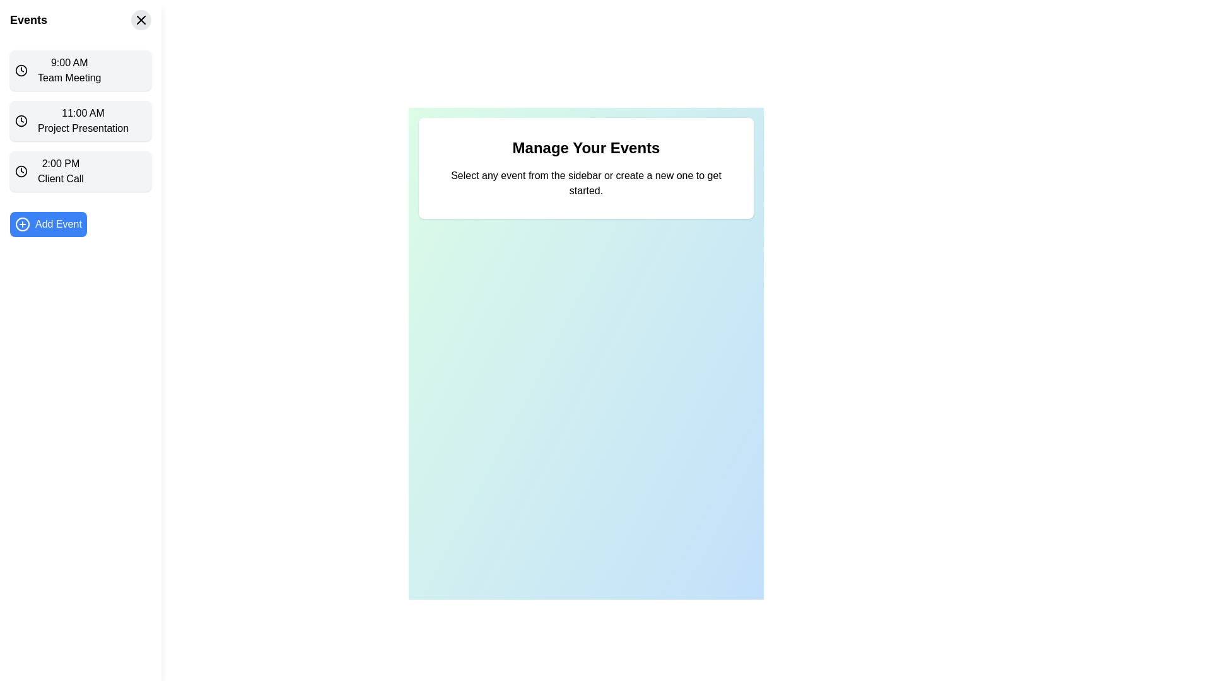  What do you see at coordinates (69, 70) in the screenshot?
I see `the Text Display element that shows '9:00 AM' and 'Team Meeting', which is the first item in the sidebar under the 'Events' section` at bounding box center [69, 70].